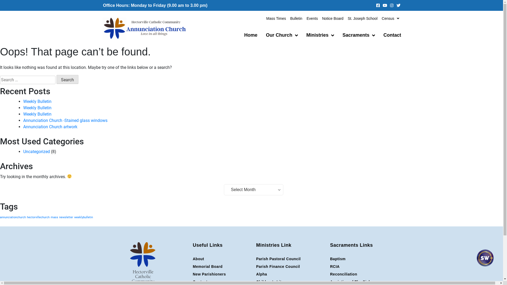 Image resolution: width=507 pixels, height=285 pixels. Describe the element at coordinates (37, 101) in the screenshot. I see `'Weekly Bulletin'` at that location.